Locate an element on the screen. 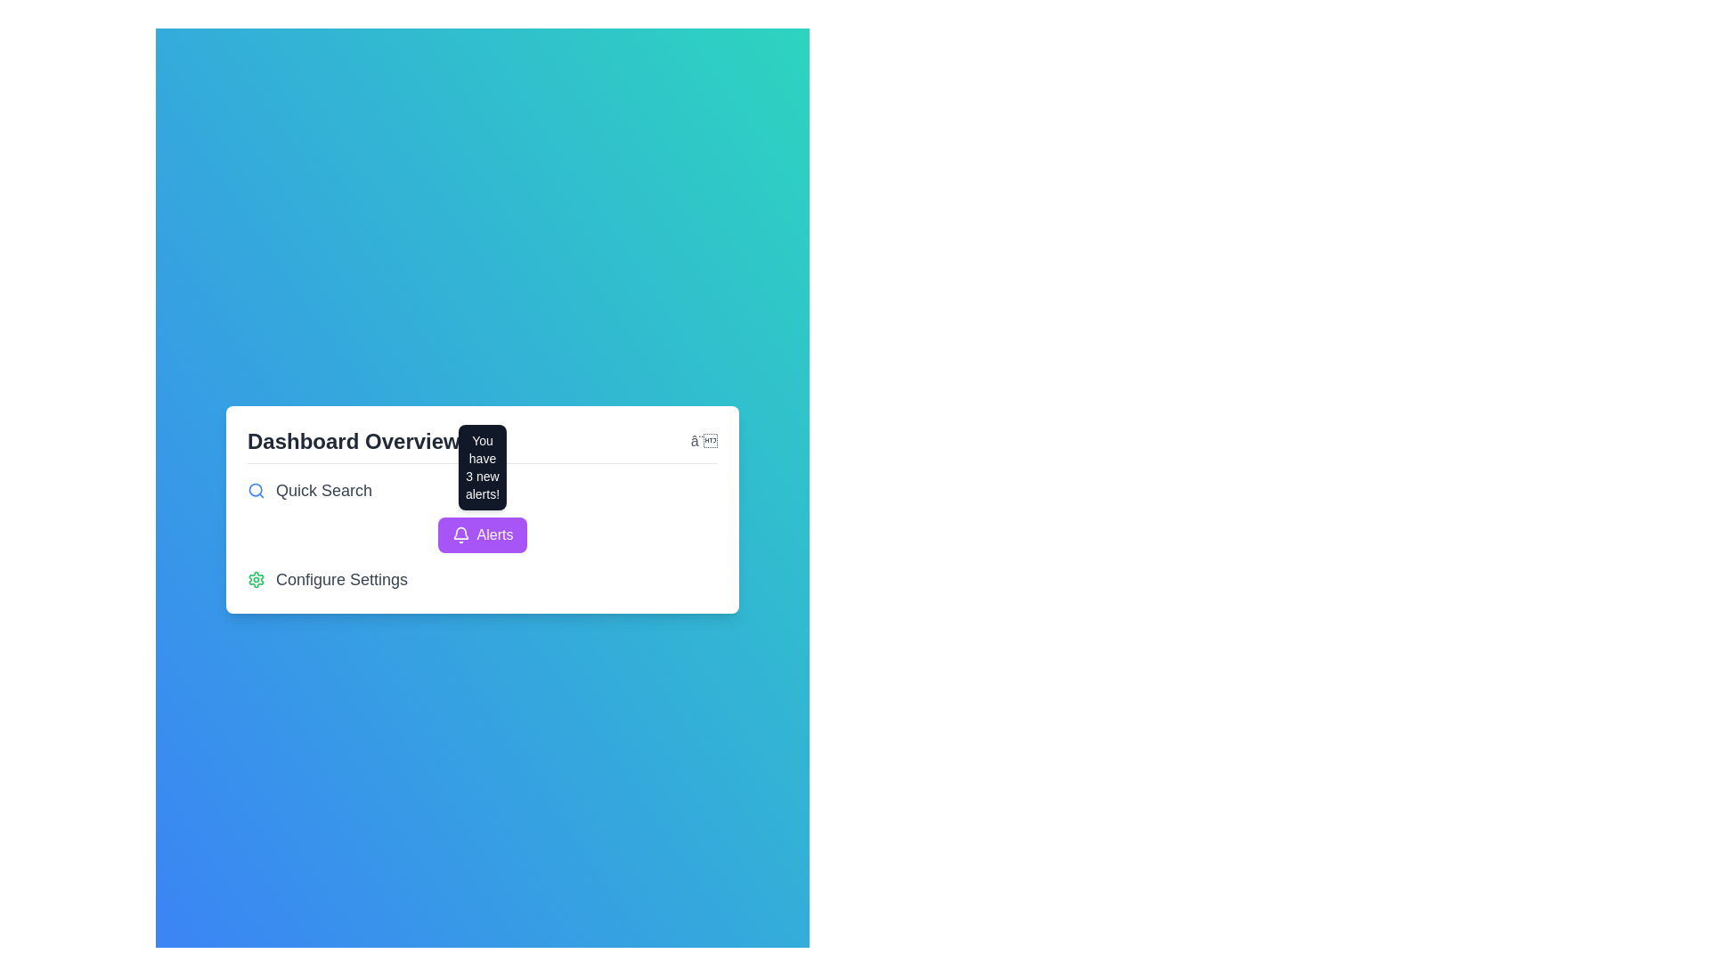  the 'Alerts' text label located to the right of the bell icon on the purple button at the bottom of the card interface is located at coordinates (495, 534).